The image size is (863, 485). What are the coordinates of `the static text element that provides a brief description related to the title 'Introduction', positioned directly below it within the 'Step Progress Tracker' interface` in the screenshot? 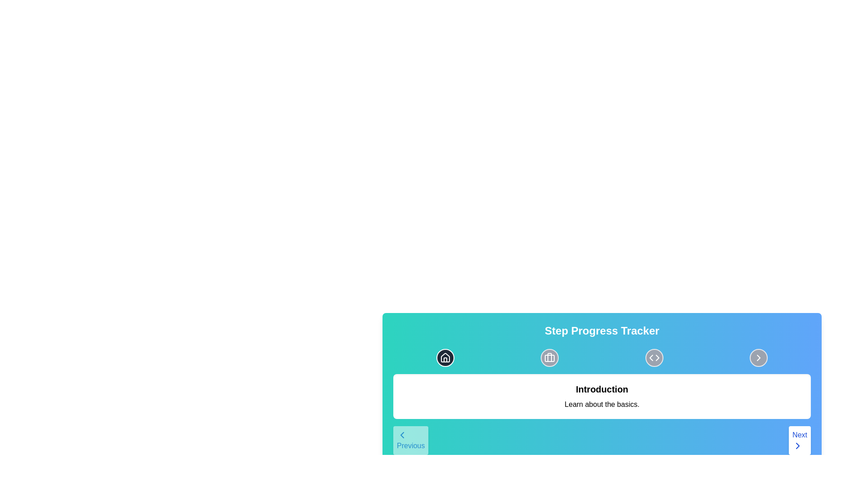 It's located at (602, 405).